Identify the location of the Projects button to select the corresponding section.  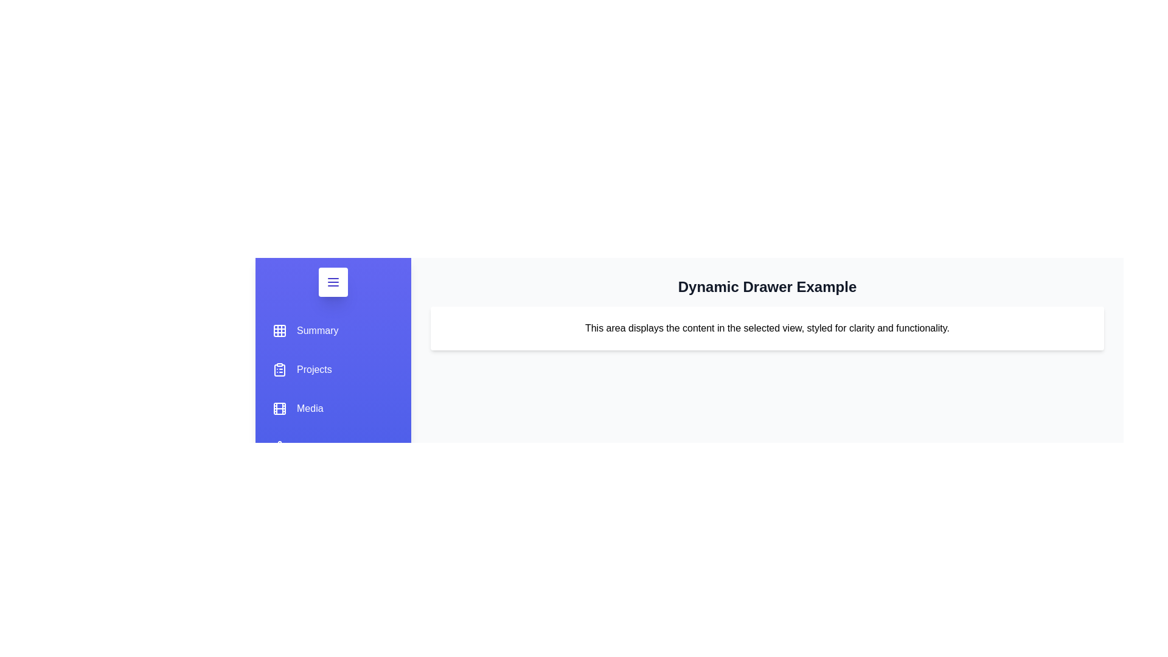
(301, 369).